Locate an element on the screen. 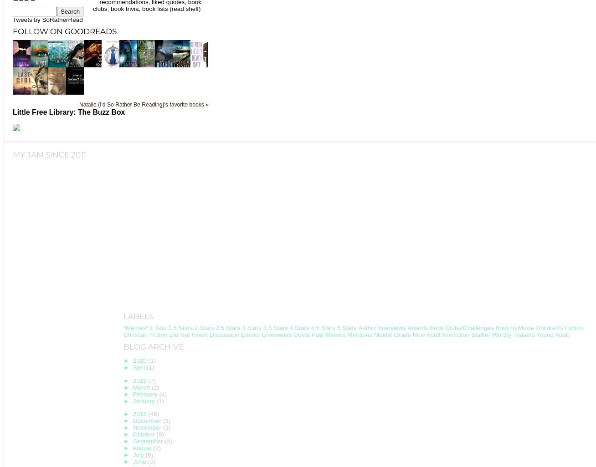 This screenshot has height=467, width=596. 'Book to Movie' is located at coordinates (514, 328).